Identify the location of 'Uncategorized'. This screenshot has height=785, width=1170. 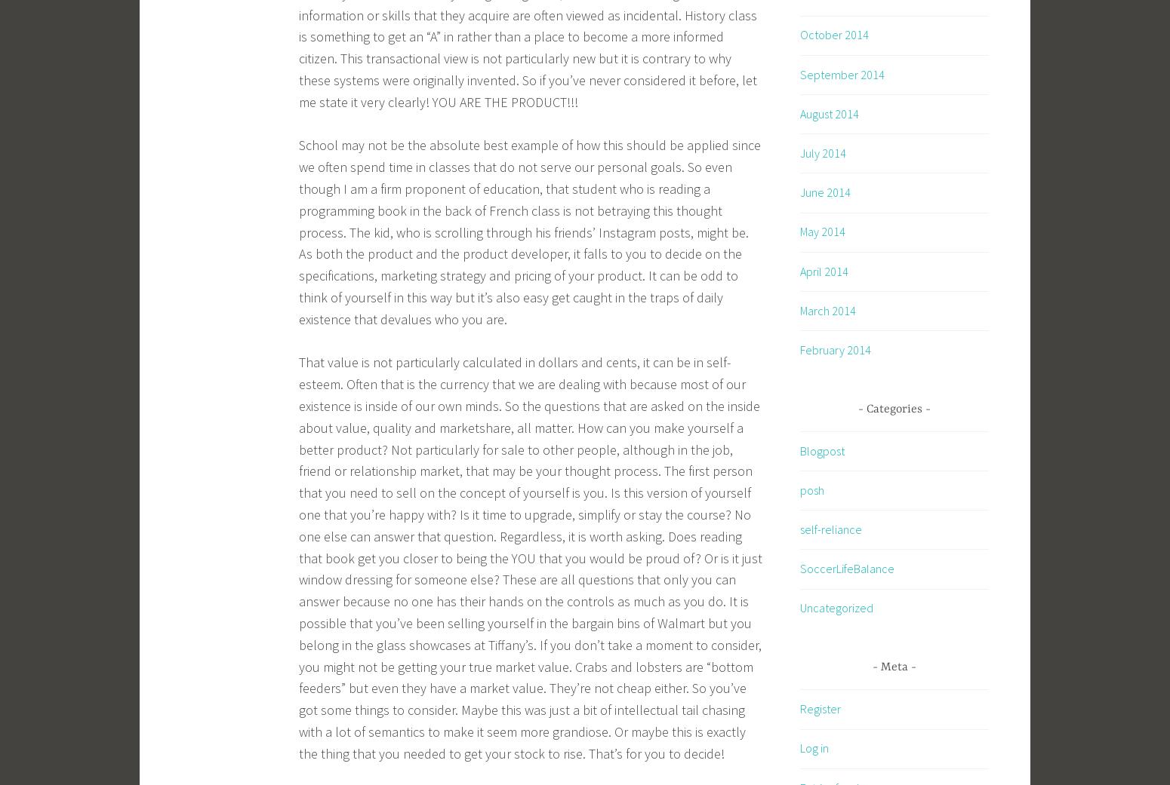
(836, 608).